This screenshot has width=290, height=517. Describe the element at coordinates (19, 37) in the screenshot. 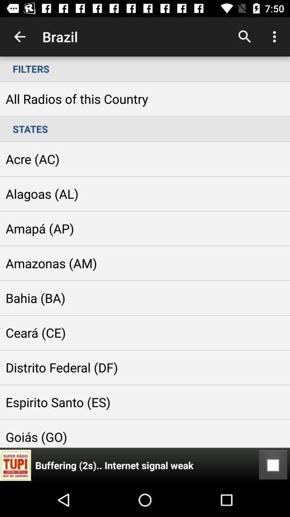

I see `the icon above filters` at that location.